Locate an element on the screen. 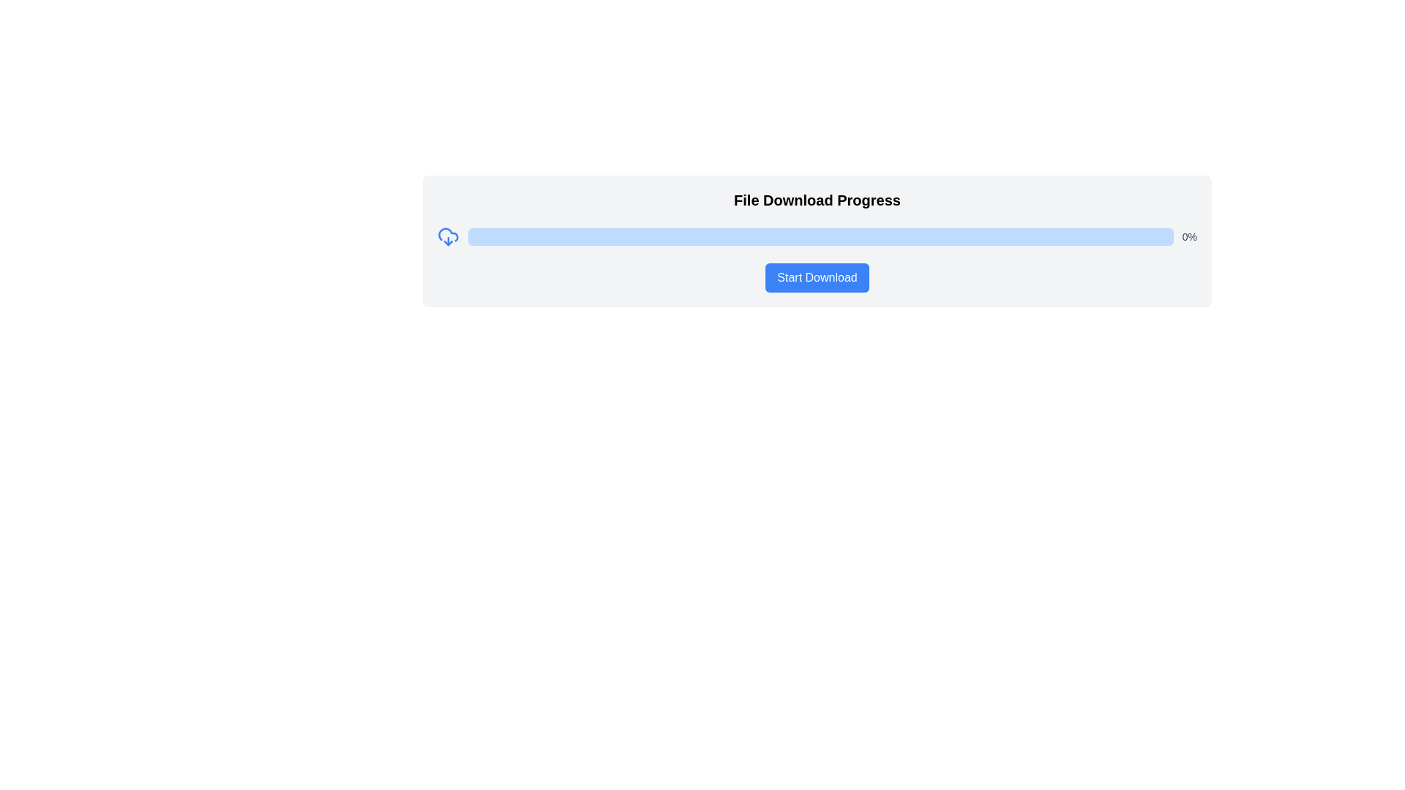 The image size is (1405, 790). the static text label that indicates the context and purpose of the section related to file download progress, located above the progress bar is located at coordinates (817, 200).